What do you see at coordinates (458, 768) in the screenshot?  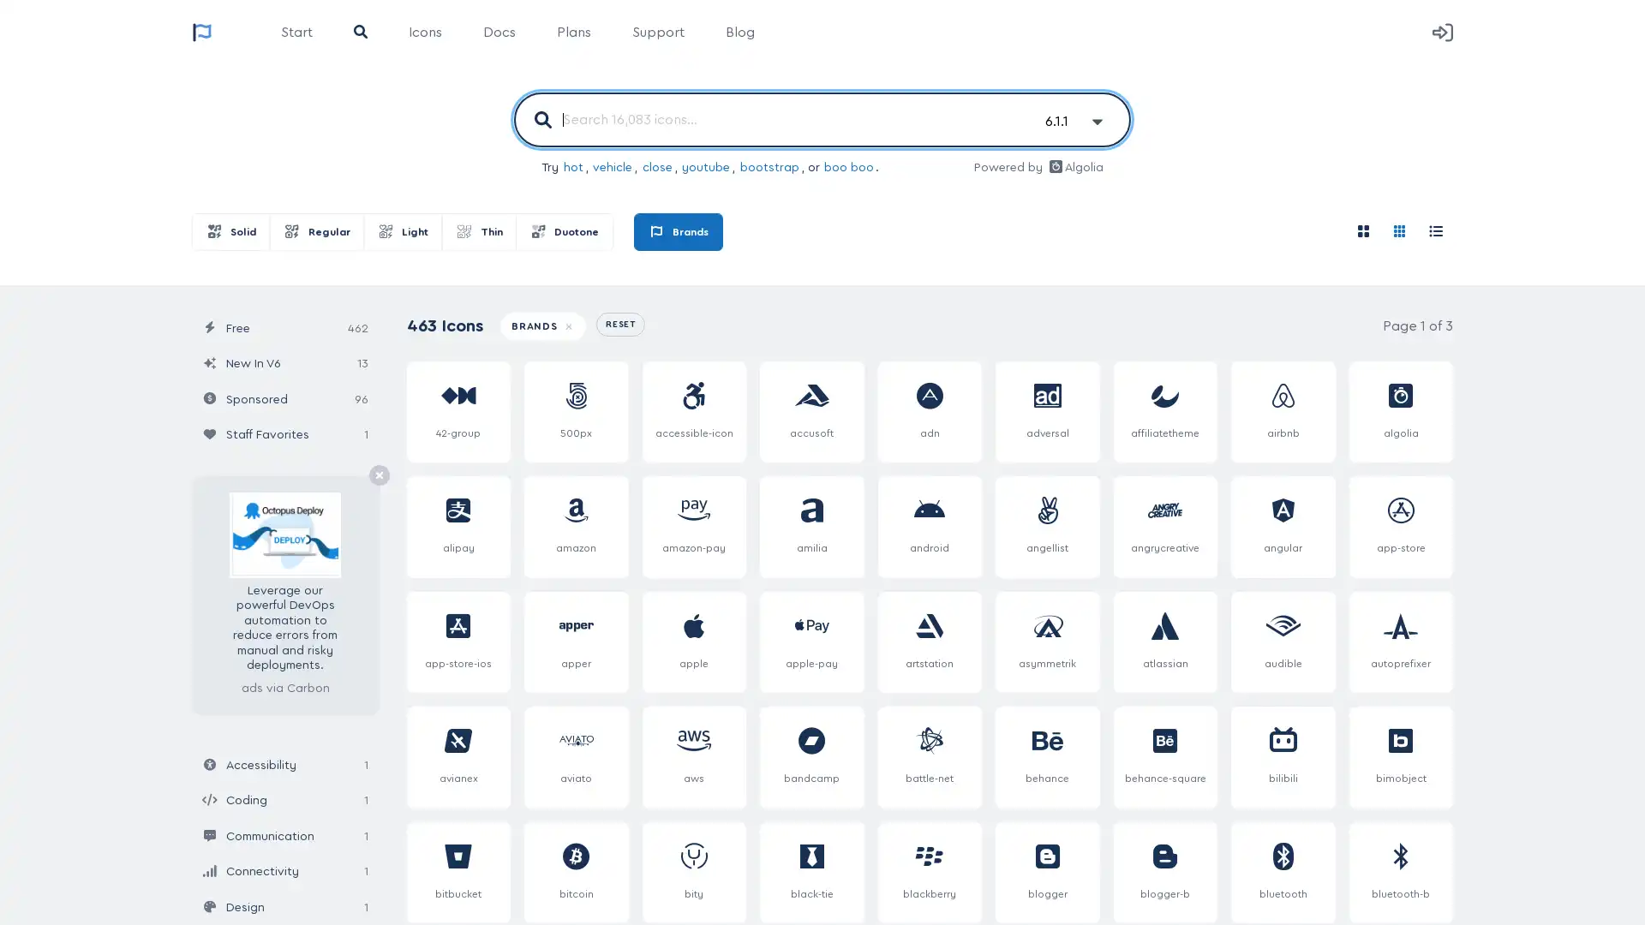 I see `avianex` at bounding box center [458, 768].